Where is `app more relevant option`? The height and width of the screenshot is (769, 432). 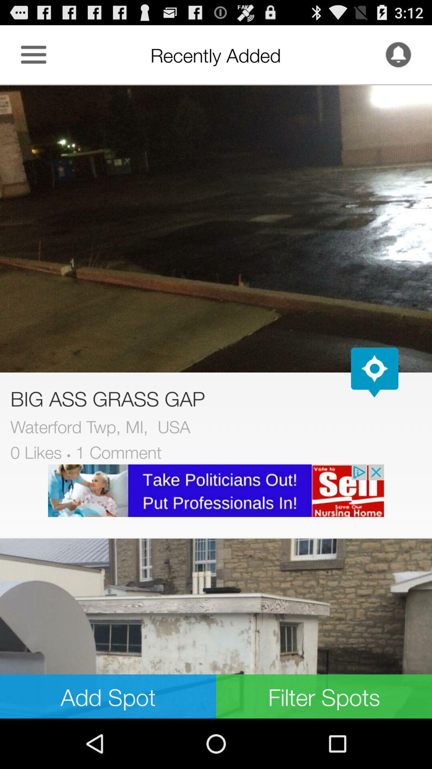
app more relevant option is located at coordinates (33, 54).